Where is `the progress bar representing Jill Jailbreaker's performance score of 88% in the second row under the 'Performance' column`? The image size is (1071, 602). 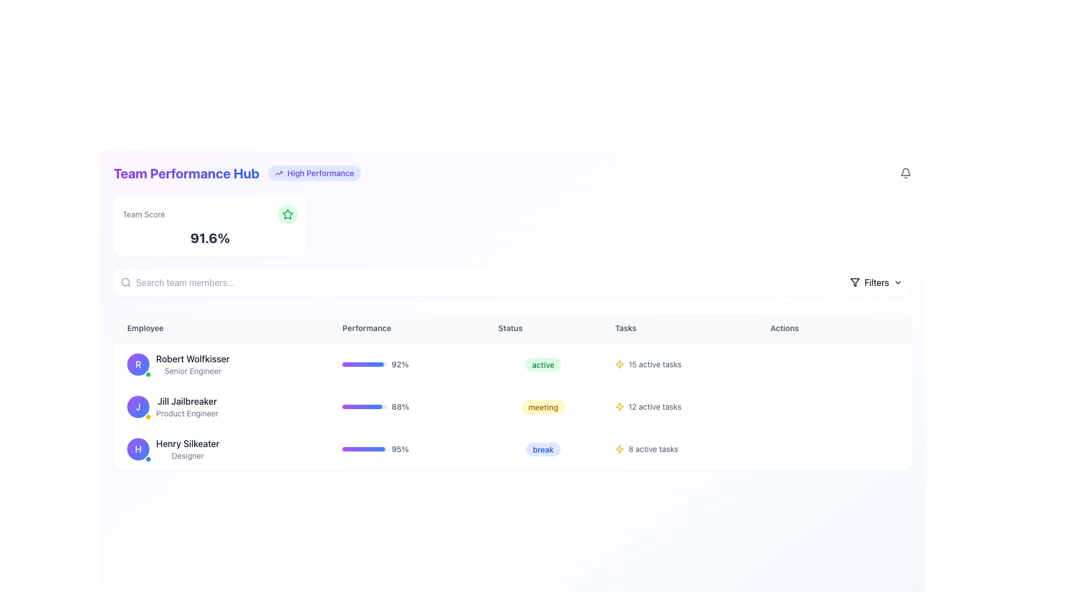
the progress bar representing Jill Jailbreaker's performance score of 88% in the second row under the 'Performance' column is located at coordinates (406, 406).